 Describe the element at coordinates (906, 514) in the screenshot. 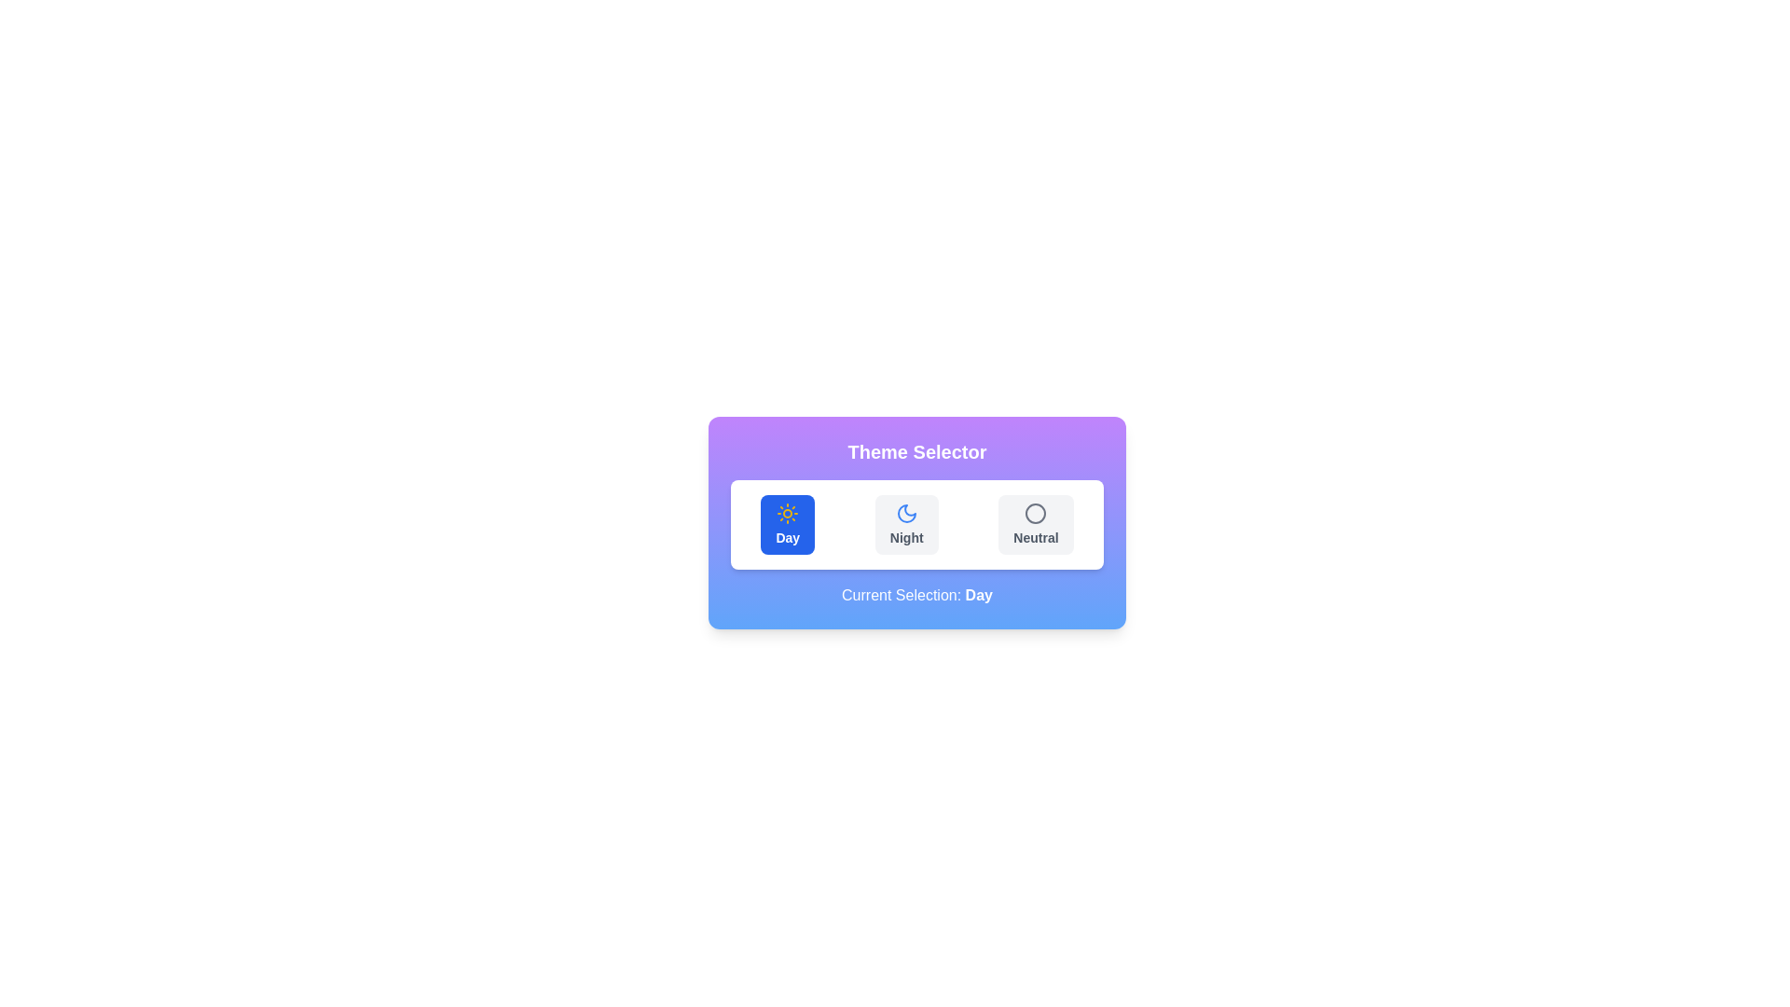

I see `the 'Night' theme button, which is the second option in the theme selector interface` at that location.